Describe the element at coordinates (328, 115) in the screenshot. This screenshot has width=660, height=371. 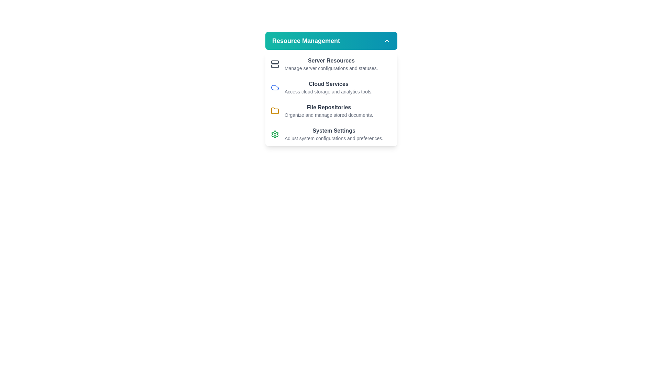
I see `the static text element that reads 'Organize and manage stored documents', which is styled in a smaller gray font and located directly below the bold text 'File Repositories'` at that location.